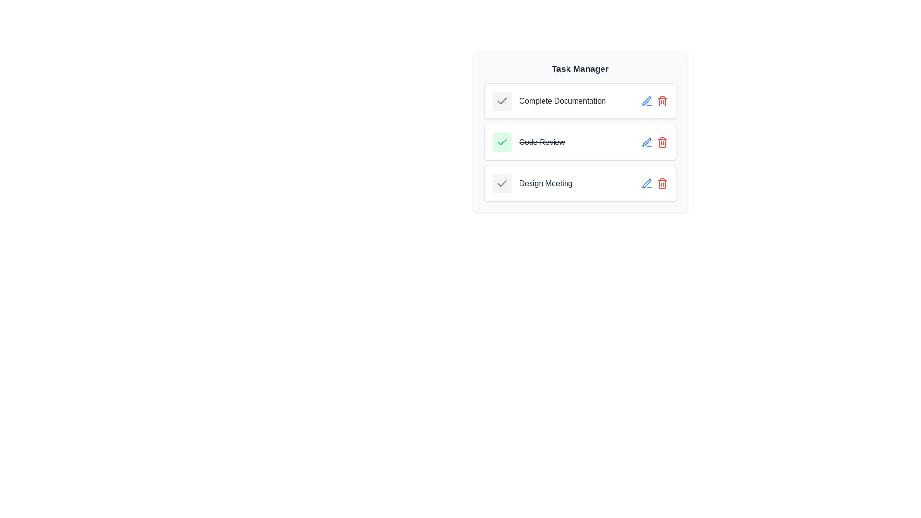 This screenshot has height=518, width=921. What do you see at coordinates (562, 101) in the screenshot?
I see `the text of the static label displaying the title of the task, located on the first row of the task list between a checkmark icon and an edit icon` at bounding box center [562, 101].